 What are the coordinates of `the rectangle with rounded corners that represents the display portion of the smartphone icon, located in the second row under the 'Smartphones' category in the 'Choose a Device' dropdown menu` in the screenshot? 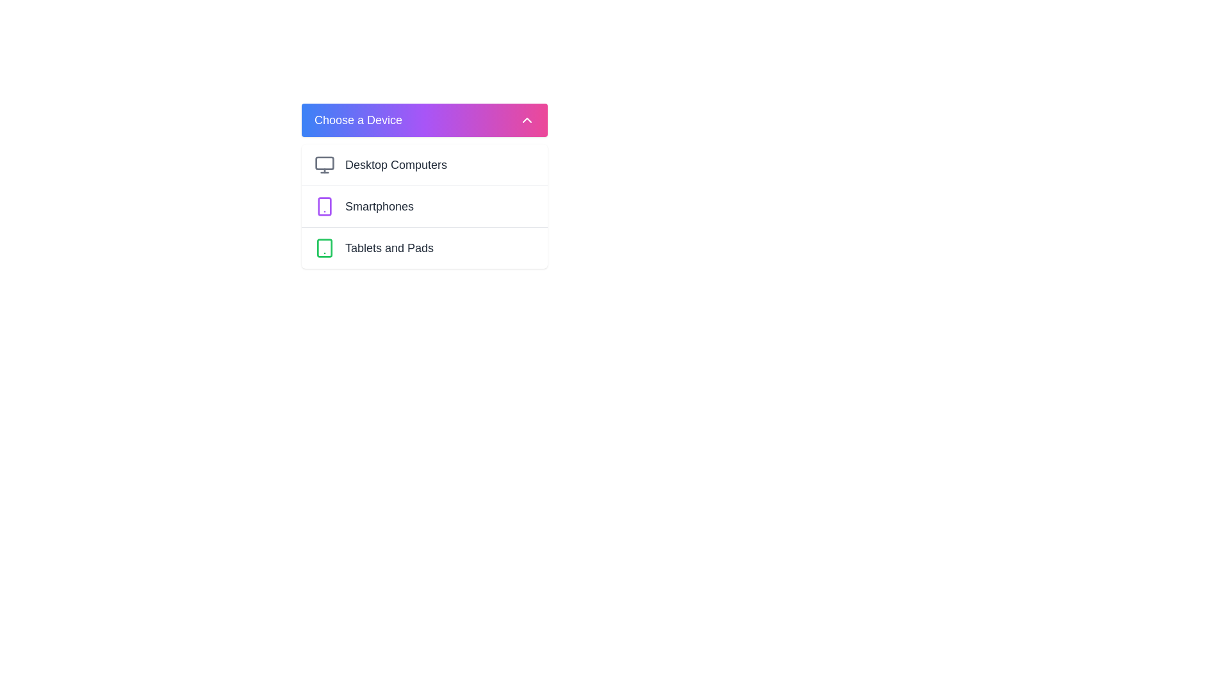 It's located at (325, 206).